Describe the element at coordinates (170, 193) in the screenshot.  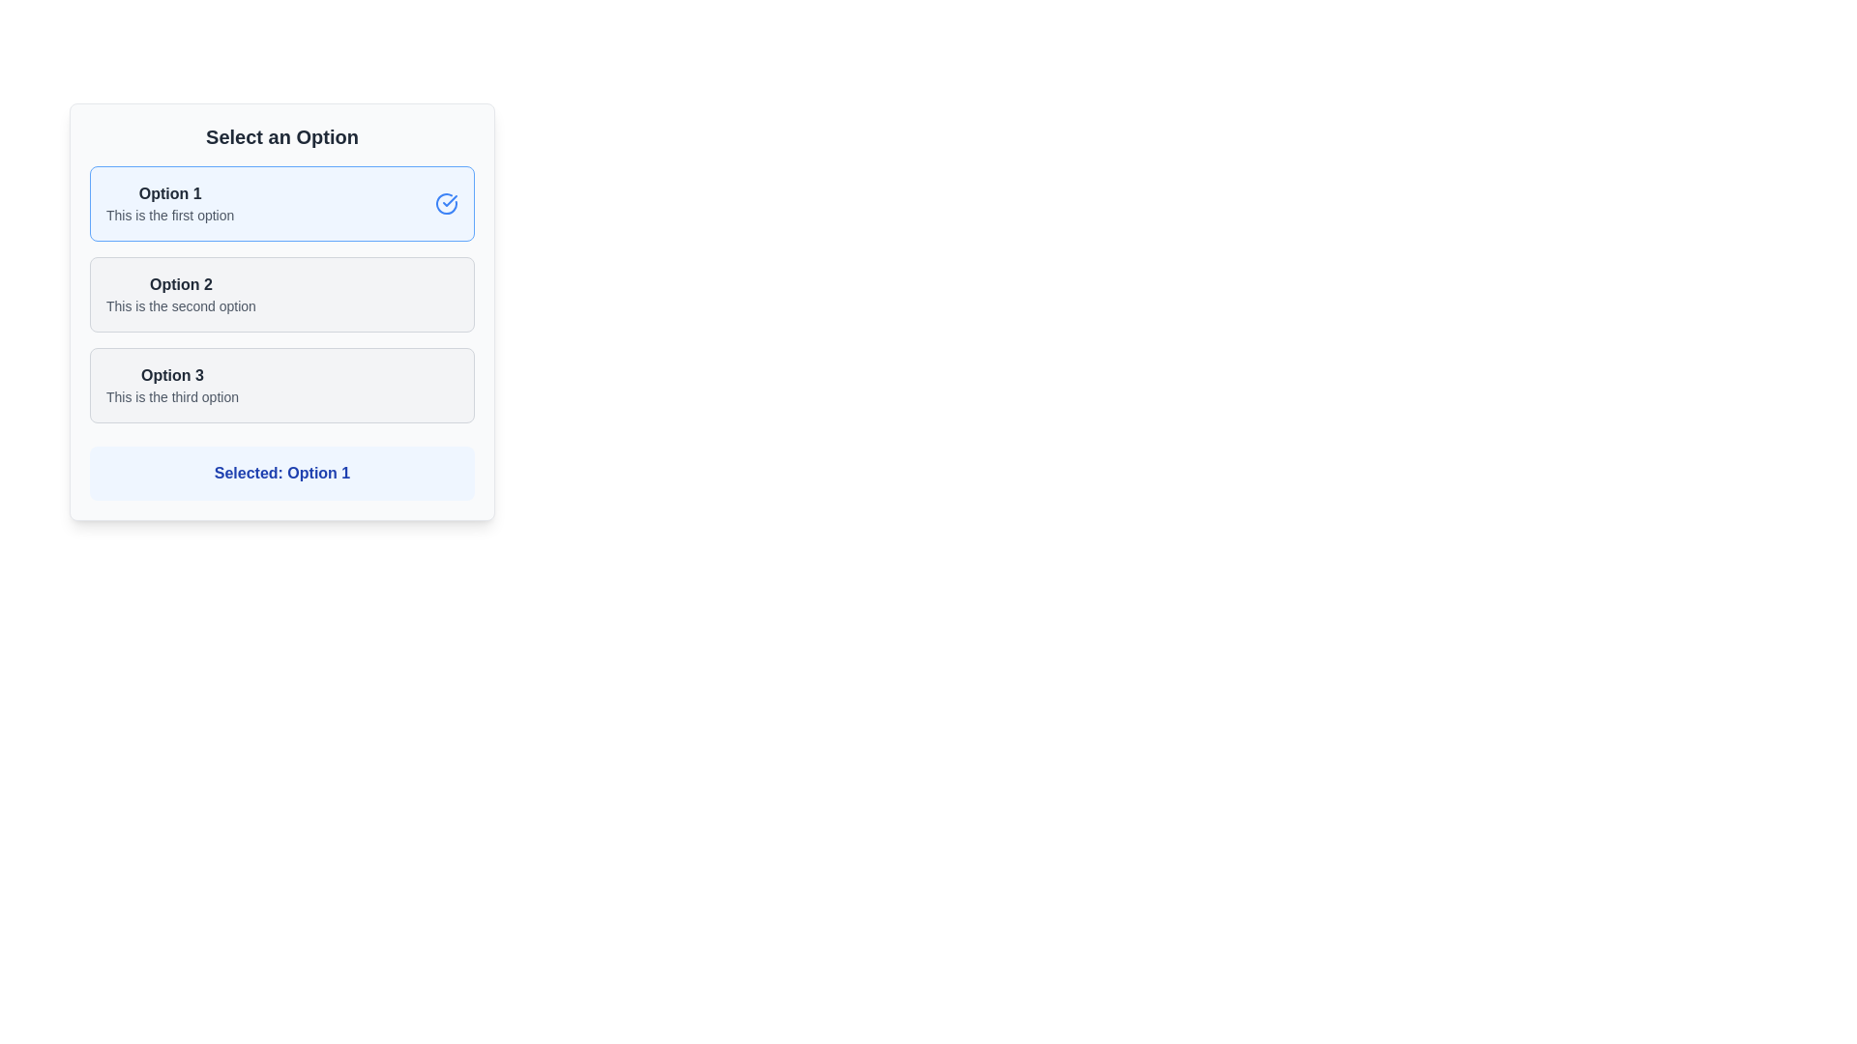
I see `the bold text label reading 'Option 1'` at that location.